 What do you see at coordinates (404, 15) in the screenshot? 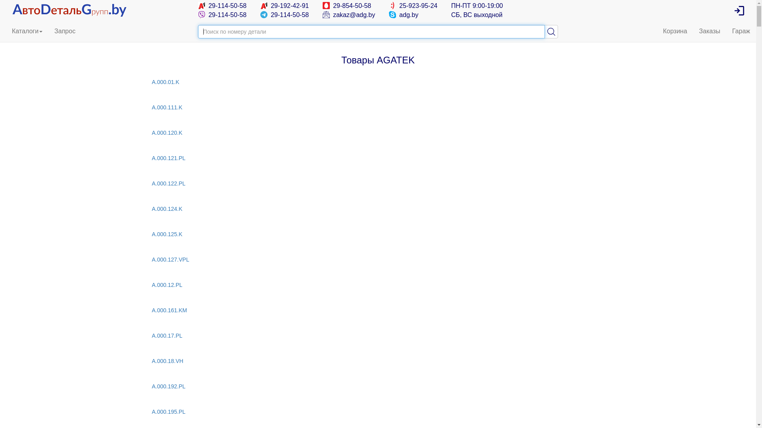
I see `'adg.by'` at bounding box center [404, 15].